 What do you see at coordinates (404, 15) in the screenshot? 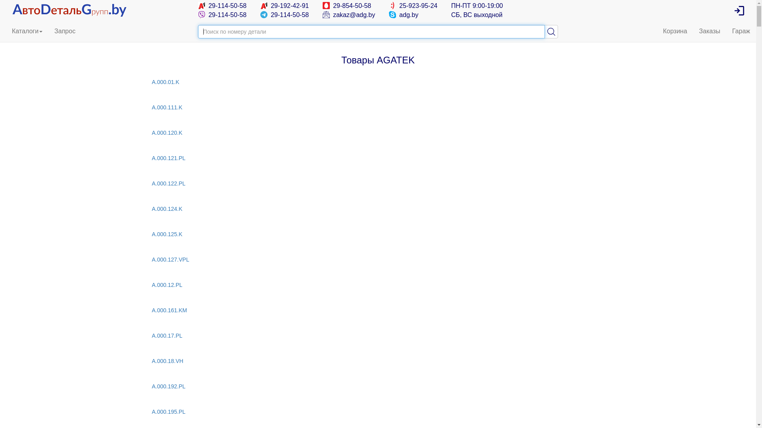
I see `'adg.by'` at bounding box center [404, 15].